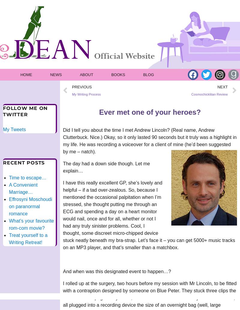 This screenshot has width=240, height=310. Describe the element at coordinates (209, 94) in the screenshot. I see `'Cosmochicklitan Review'` at that location.